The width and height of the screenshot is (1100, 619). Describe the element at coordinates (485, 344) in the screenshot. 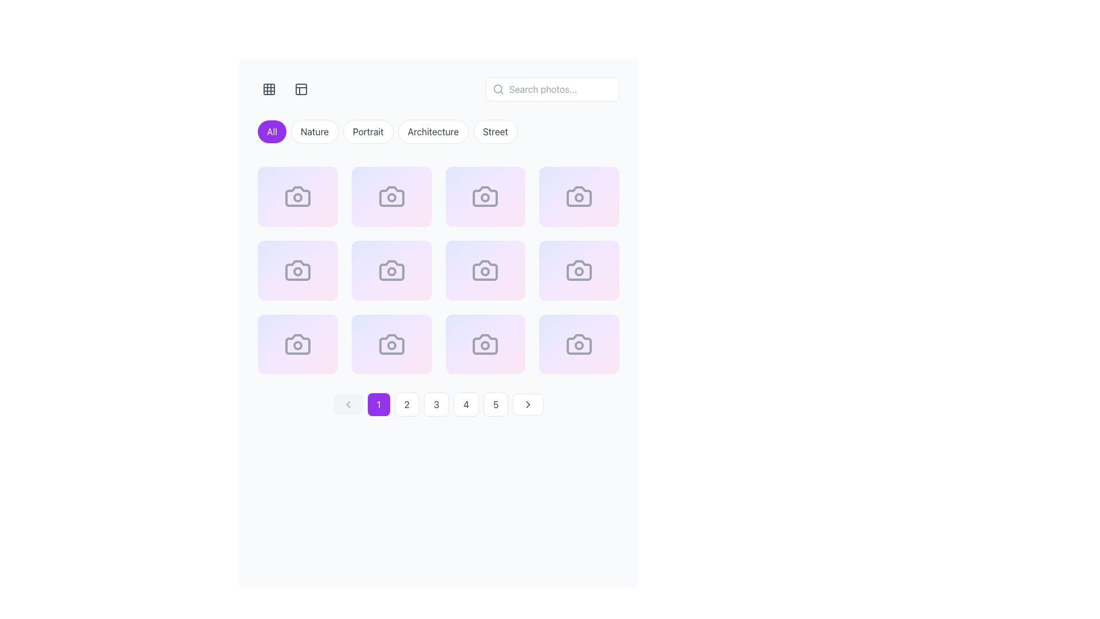

I see `the second to last item` at that location.